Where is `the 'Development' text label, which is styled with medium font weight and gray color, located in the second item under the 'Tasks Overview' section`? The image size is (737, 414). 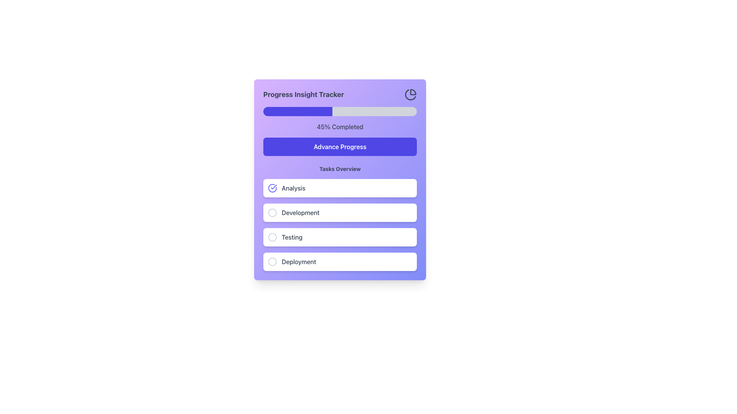 the 'Development' text label, which is styled with medium font weight and gray color, located in the second item under the 'Tasks Overview' section is located at coordinates (300, 213).